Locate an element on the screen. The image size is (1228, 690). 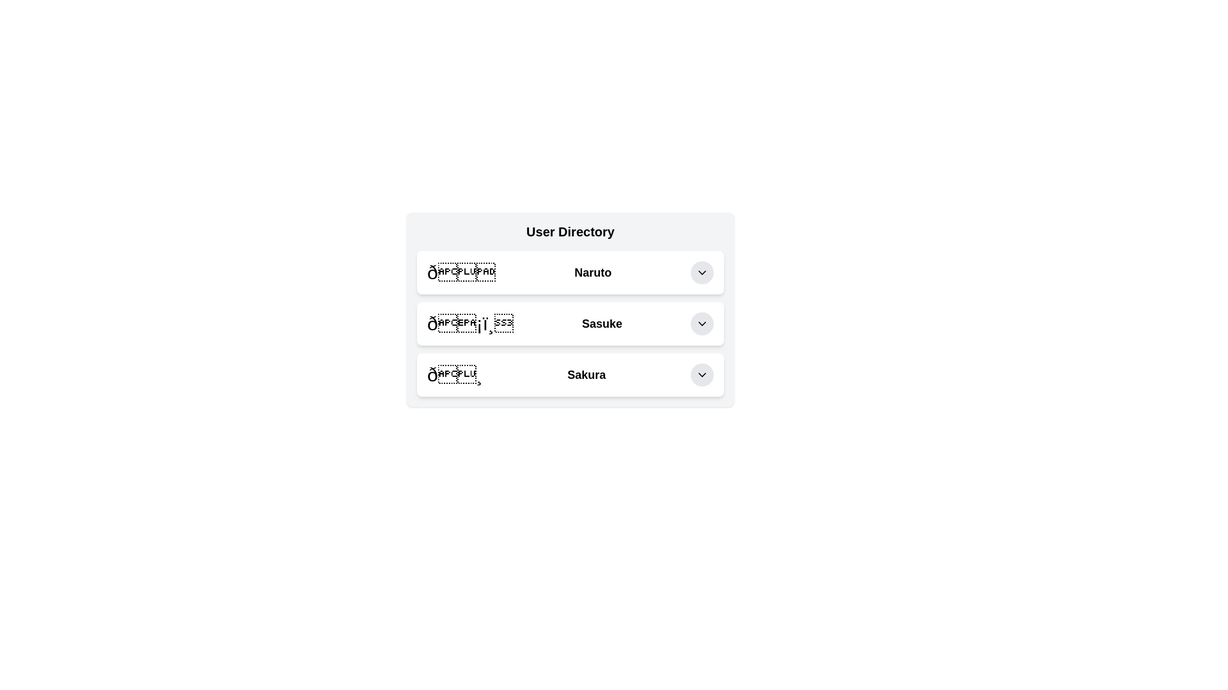
the second row in the User Directory list, which contains user details and is positioned between the rows labeled 'Naruto' and 'Sakura' is located at coordinates (570, 310).